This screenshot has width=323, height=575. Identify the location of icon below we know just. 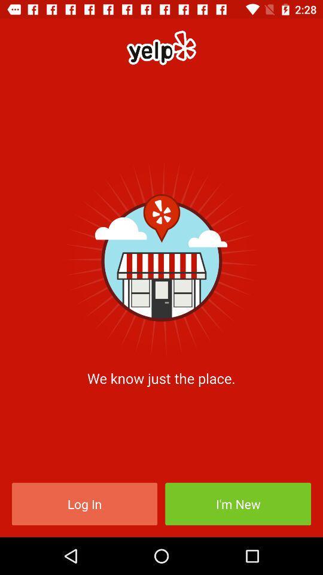
(84, 503).